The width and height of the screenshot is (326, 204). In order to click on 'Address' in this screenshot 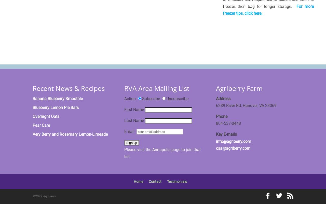, I will do `click(223, 98)`.